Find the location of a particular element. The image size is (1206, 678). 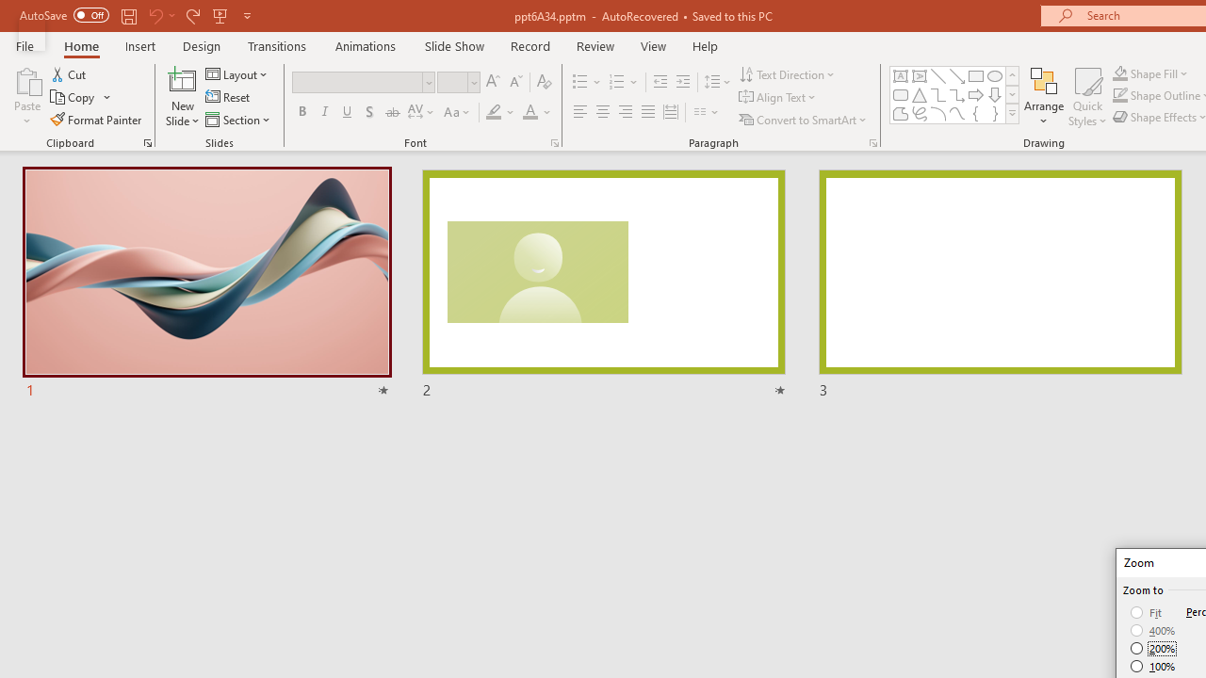

'Align Text' is located at coordinates (778, 97).